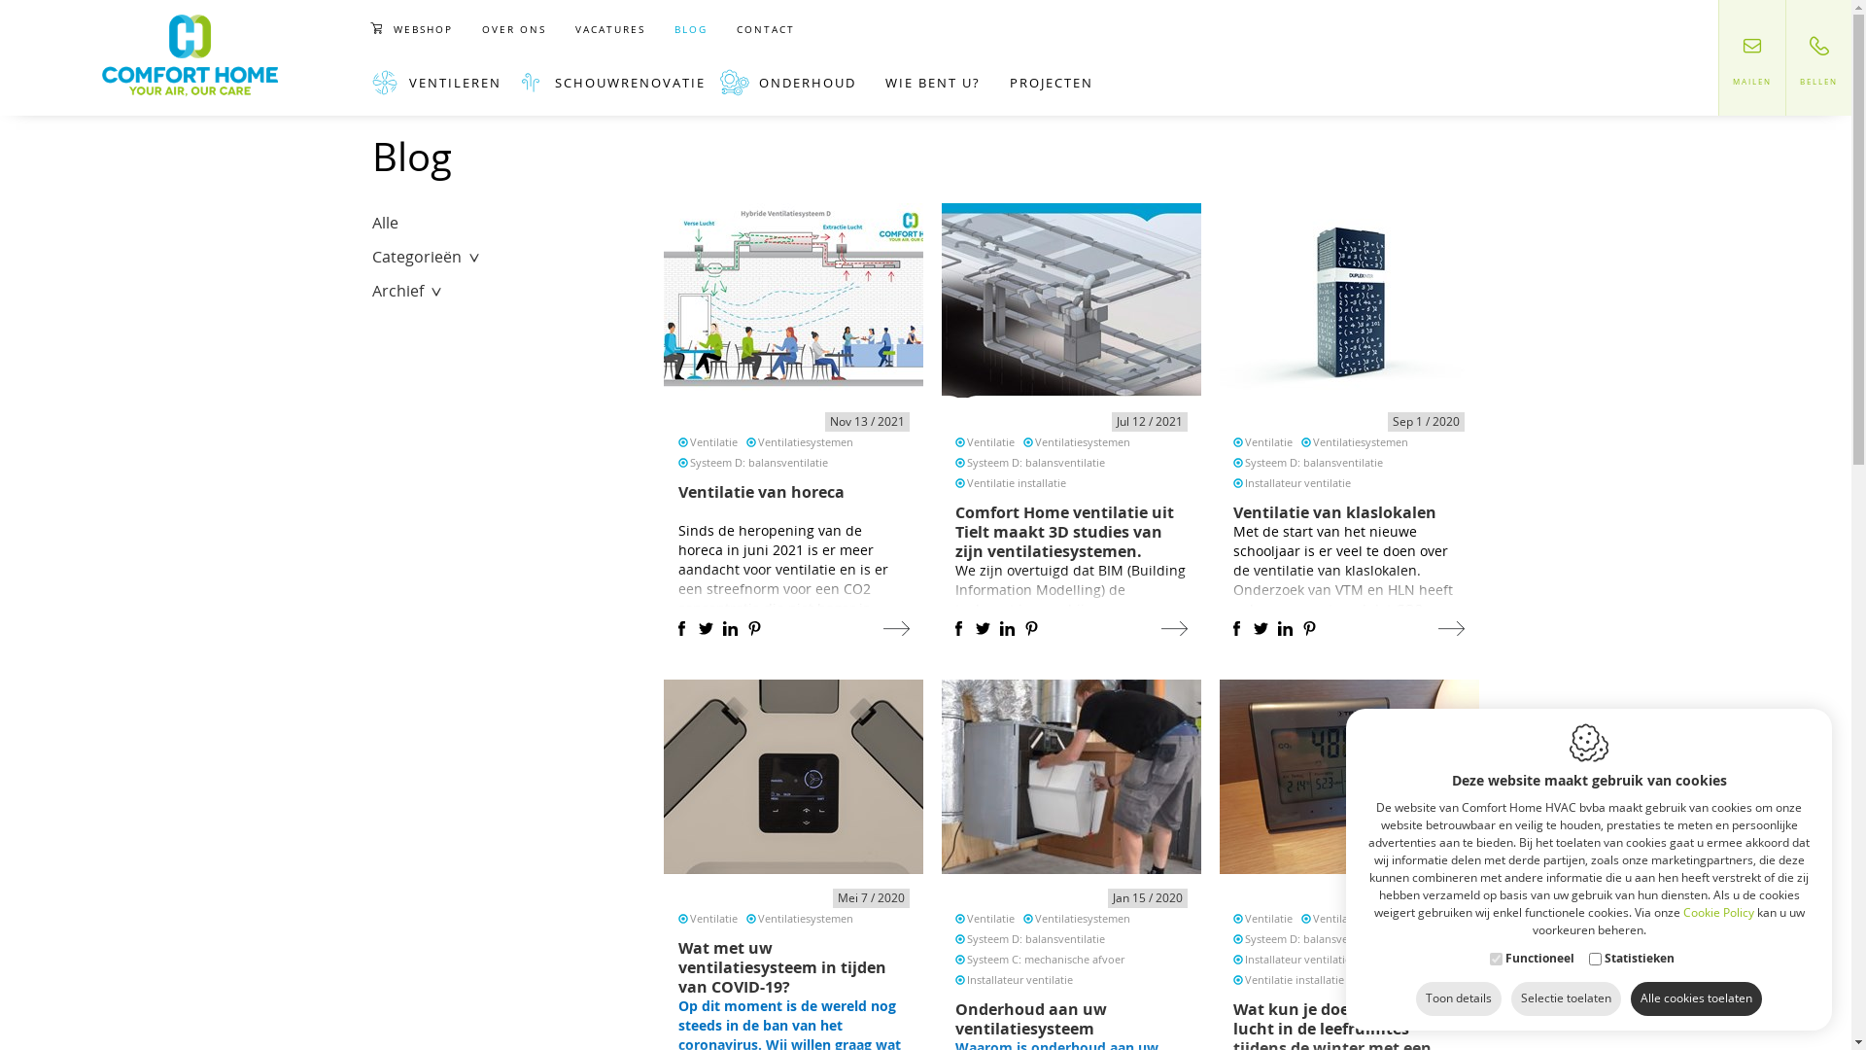 The height and width of the screenshot is (1050, 1866). What do you see at coordinates (513, 29) in the screenshot?
I see `'OVER ONS'` at bounding box center [513, 29].